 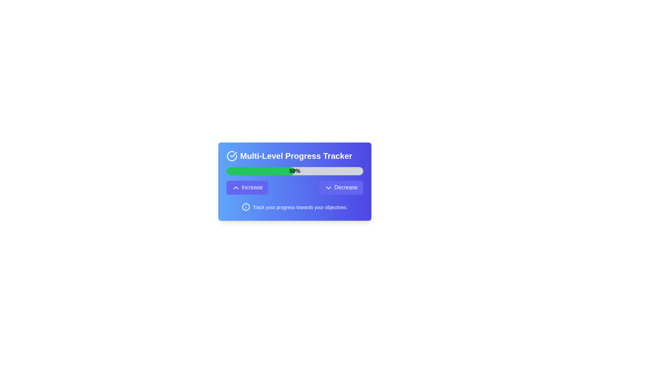 I want to click on the green-filled progress indicator that represents 50% completion of a task within the lighter gray background bar, so click(x=260, y=171).